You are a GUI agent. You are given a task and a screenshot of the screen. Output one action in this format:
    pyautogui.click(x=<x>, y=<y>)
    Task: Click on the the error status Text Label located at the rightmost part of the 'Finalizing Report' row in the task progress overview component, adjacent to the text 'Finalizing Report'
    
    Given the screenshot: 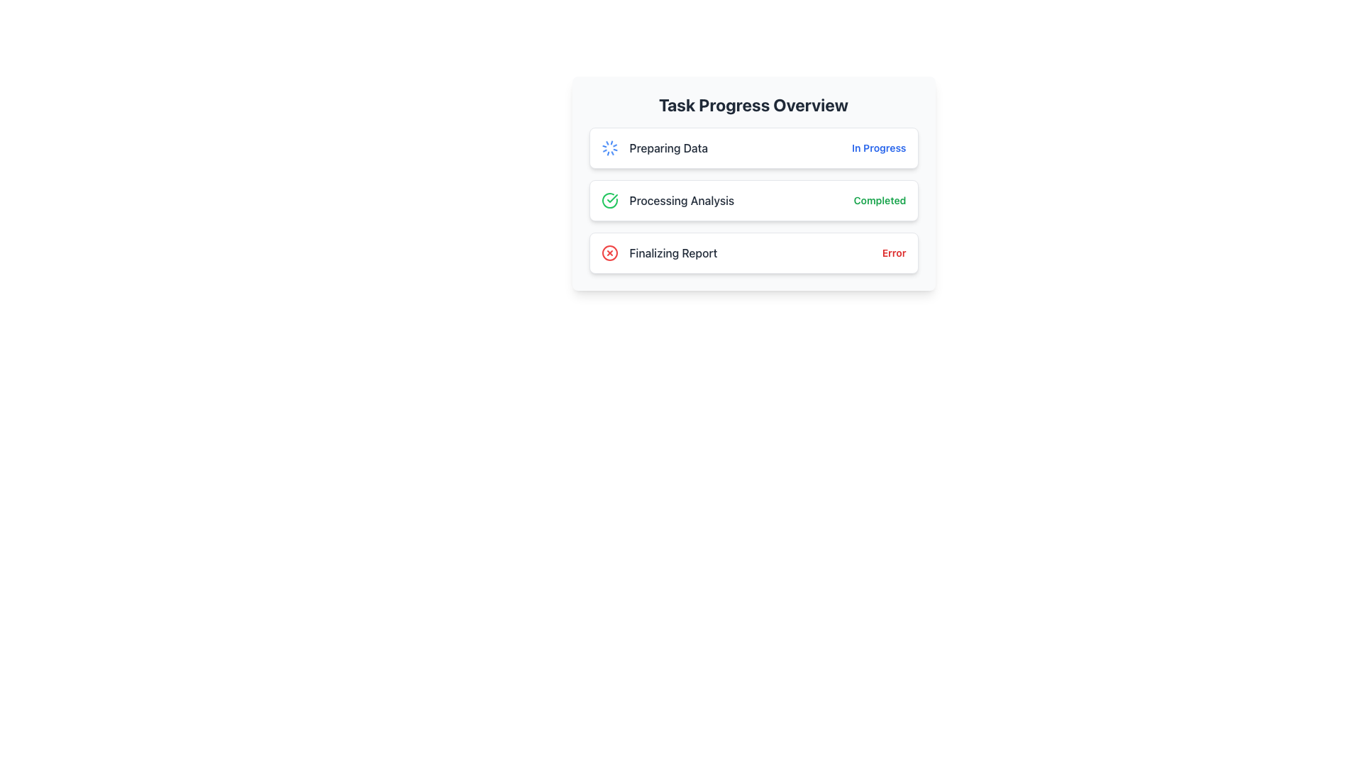 What is the action you would take?
    pyautogui.click(x=893, y=252)
    